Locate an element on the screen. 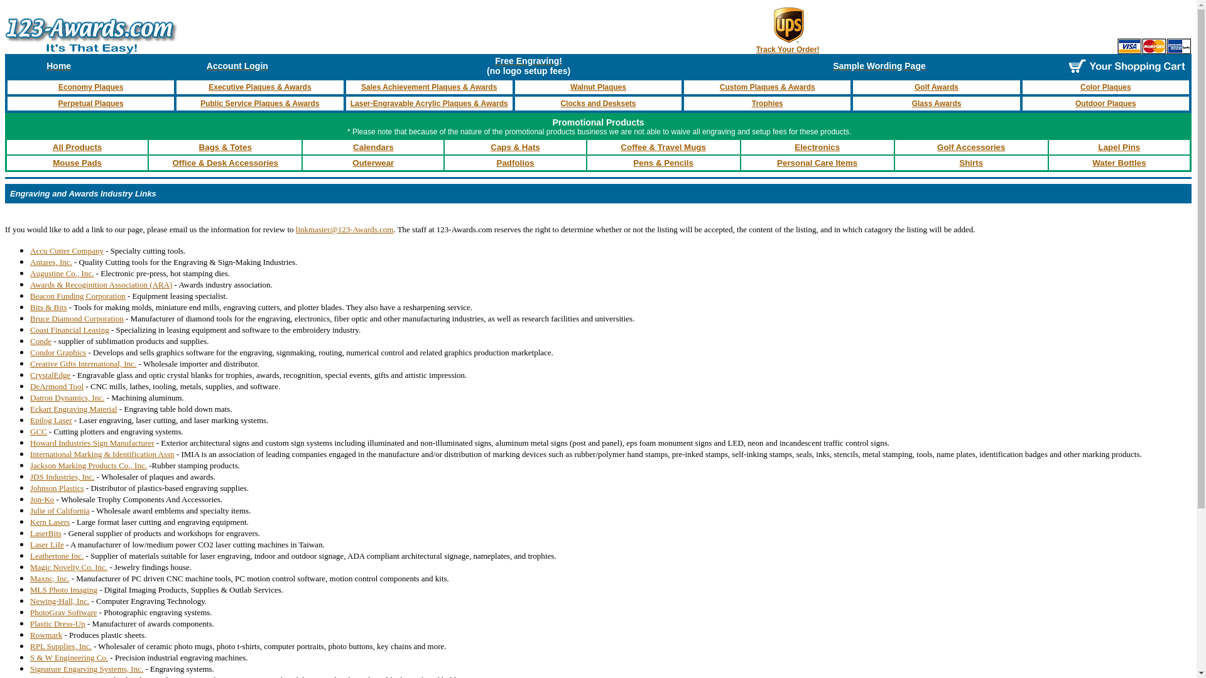 The height and width of the screenshot is (678, 1206). 'Conde' is located at coordinates (41, 341).